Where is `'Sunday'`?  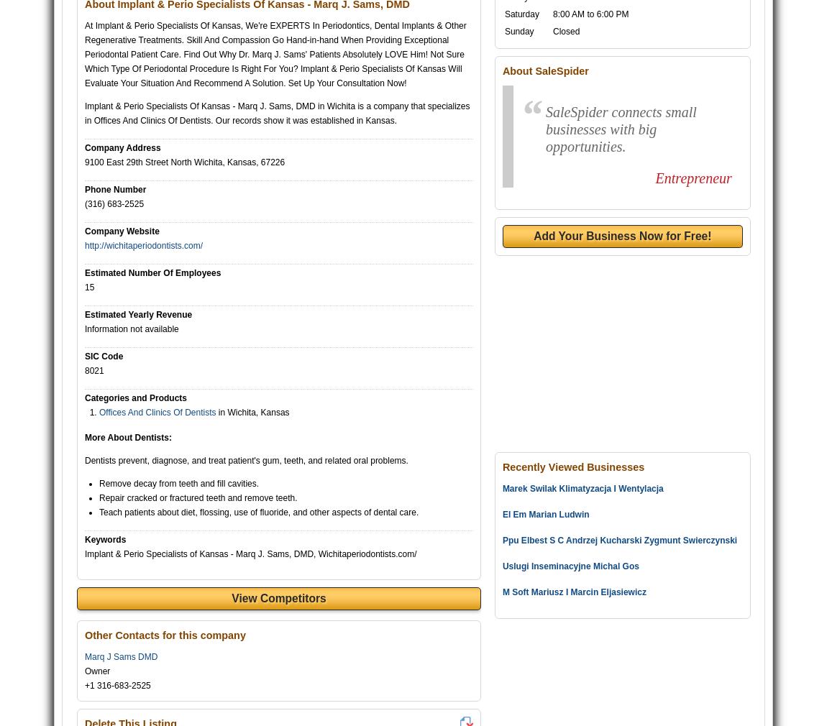 'Sunday' is located at coordinates (518, 31).